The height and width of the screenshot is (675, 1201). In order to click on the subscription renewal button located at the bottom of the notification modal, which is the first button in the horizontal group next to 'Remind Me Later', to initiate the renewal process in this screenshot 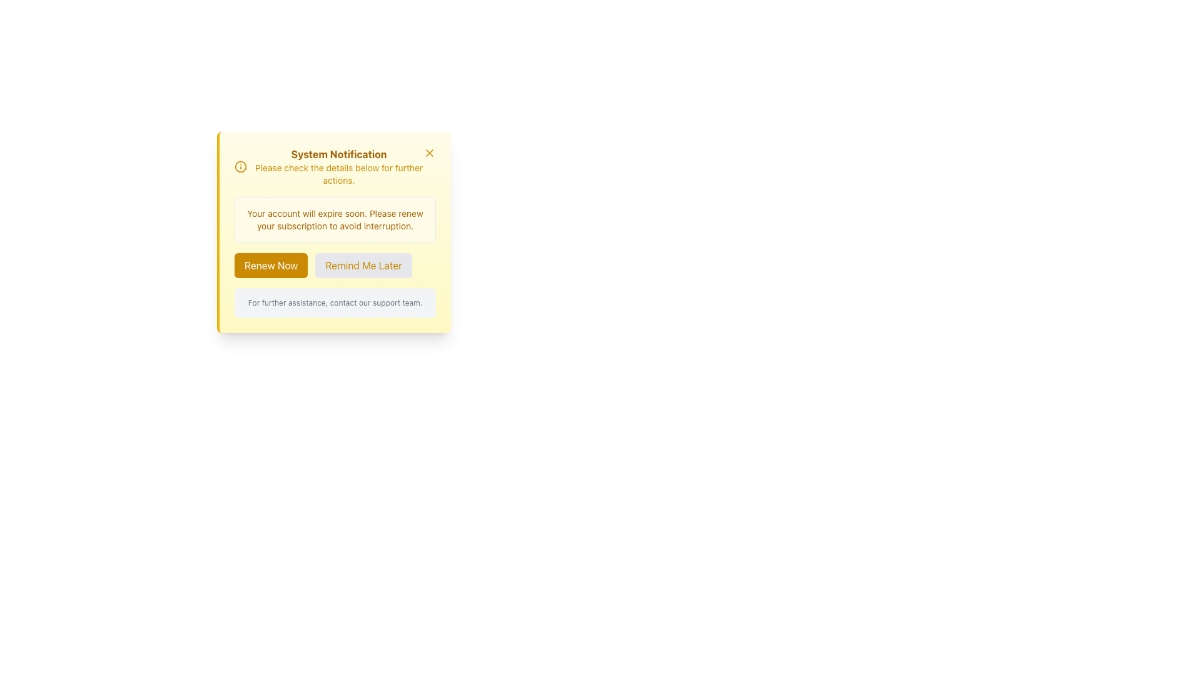, I will do `click(270, 264)`.